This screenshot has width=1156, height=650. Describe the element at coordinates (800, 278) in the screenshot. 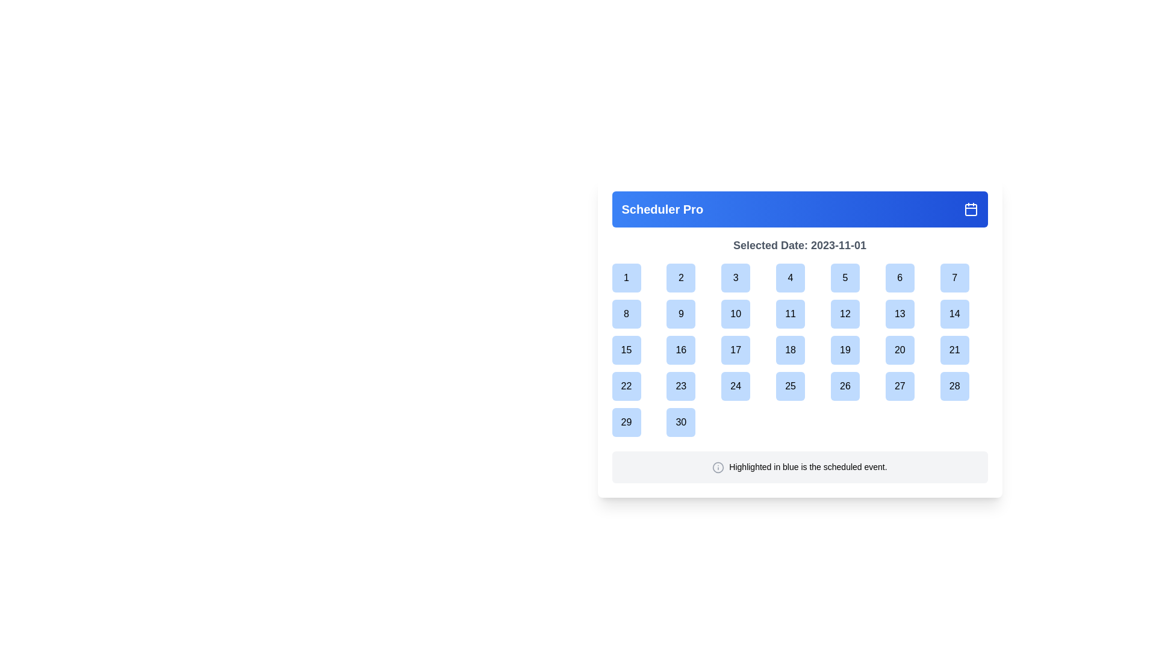

I see `the blue square button with rounded corners featuring the number '4'` at that location.